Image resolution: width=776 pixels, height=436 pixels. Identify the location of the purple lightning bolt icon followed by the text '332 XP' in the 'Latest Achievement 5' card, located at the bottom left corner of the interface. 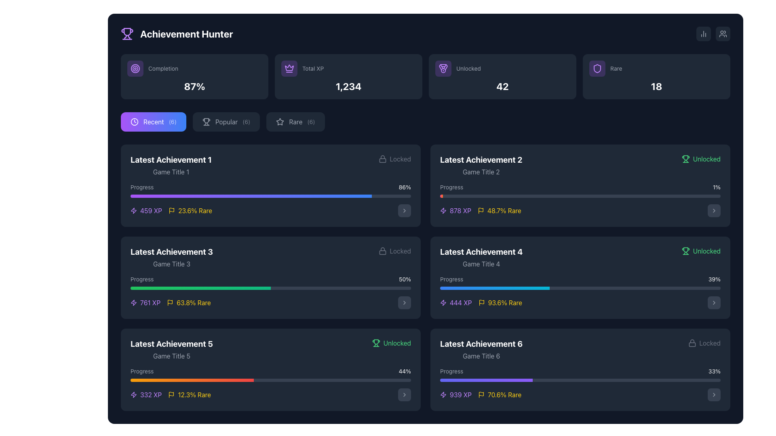
(146, 394).